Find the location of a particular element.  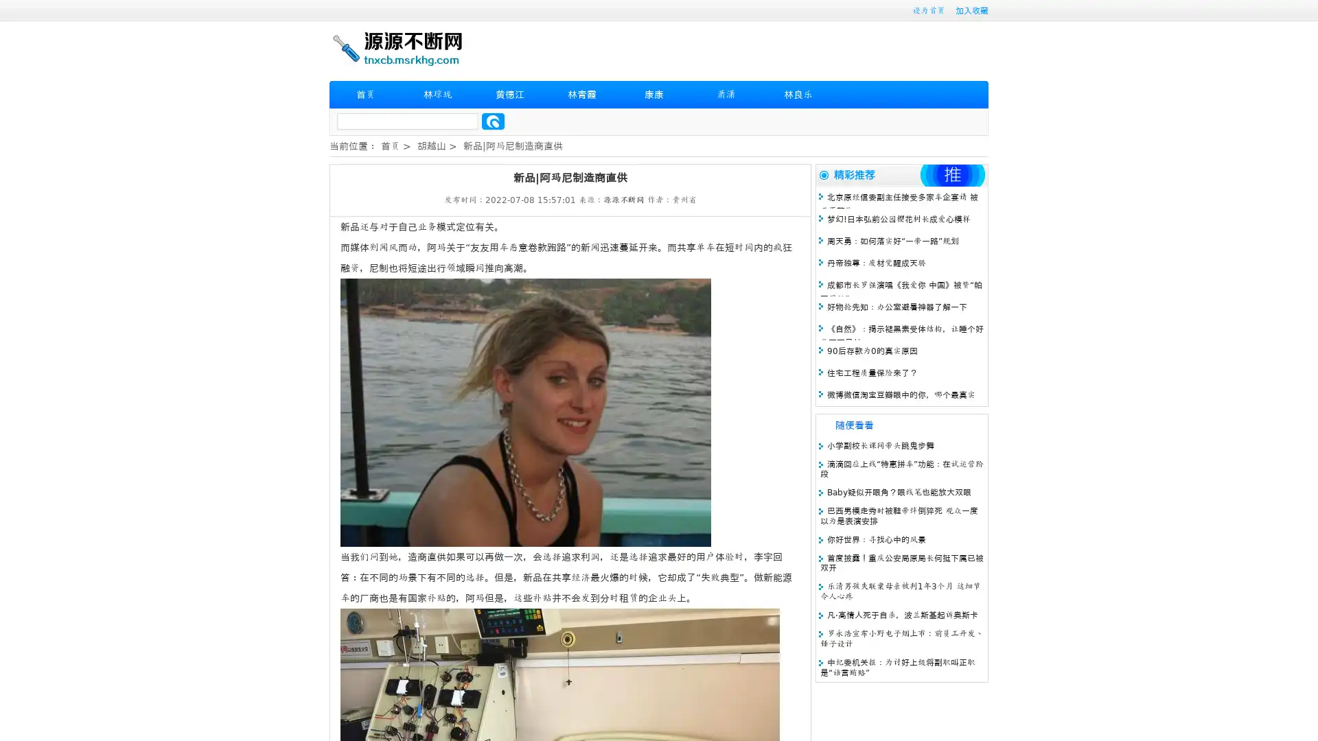

Search is located at coordinates (493, 121).